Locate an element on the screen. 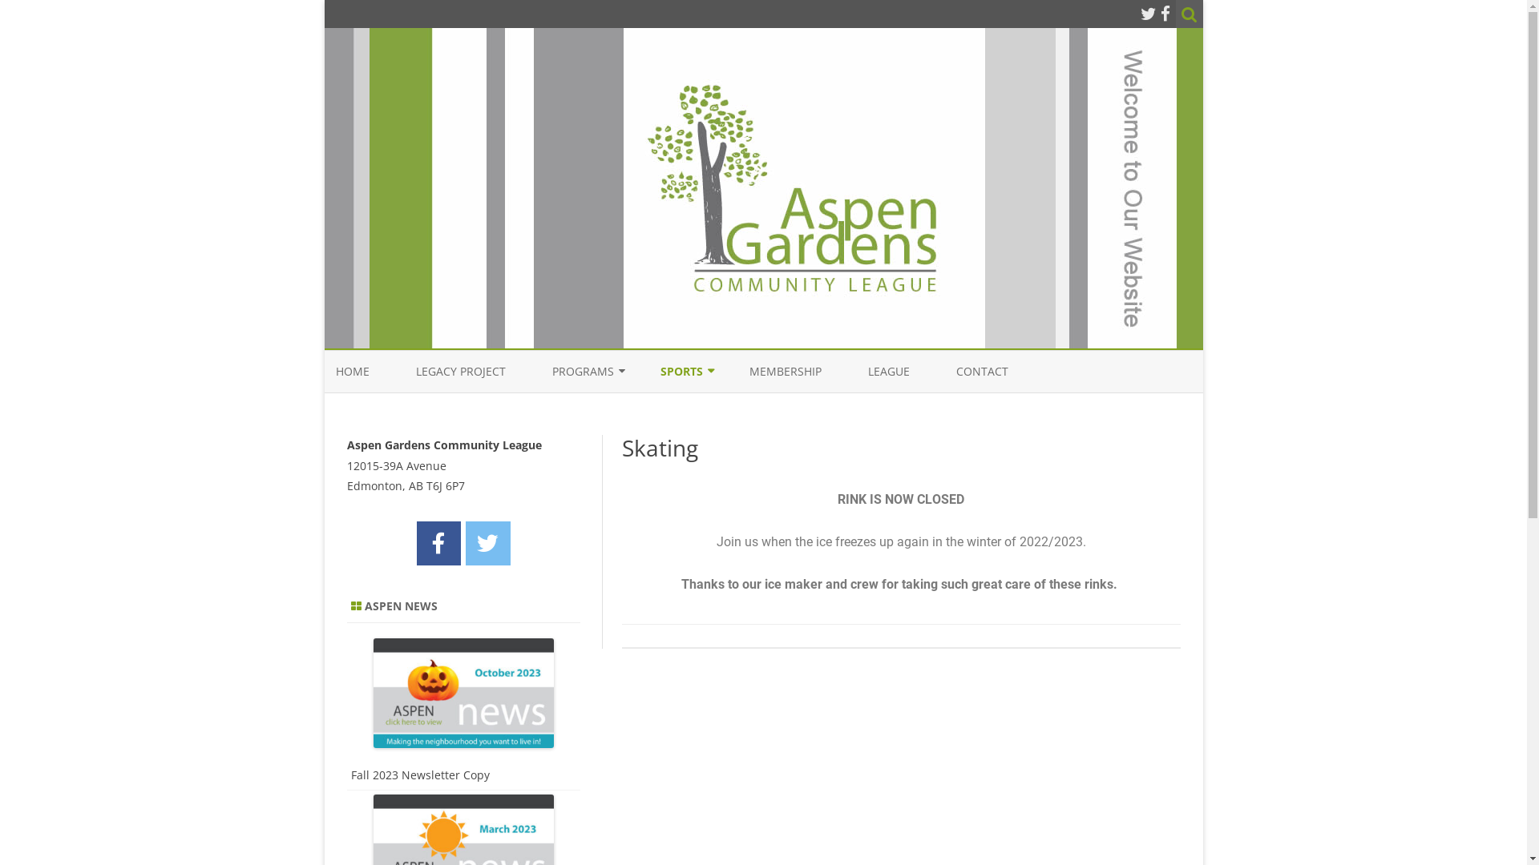 The height and width of the screenshot is (865, 1539). 'DROP-IN SHINNY HOCKEY' is located at coordinates (739, 408).